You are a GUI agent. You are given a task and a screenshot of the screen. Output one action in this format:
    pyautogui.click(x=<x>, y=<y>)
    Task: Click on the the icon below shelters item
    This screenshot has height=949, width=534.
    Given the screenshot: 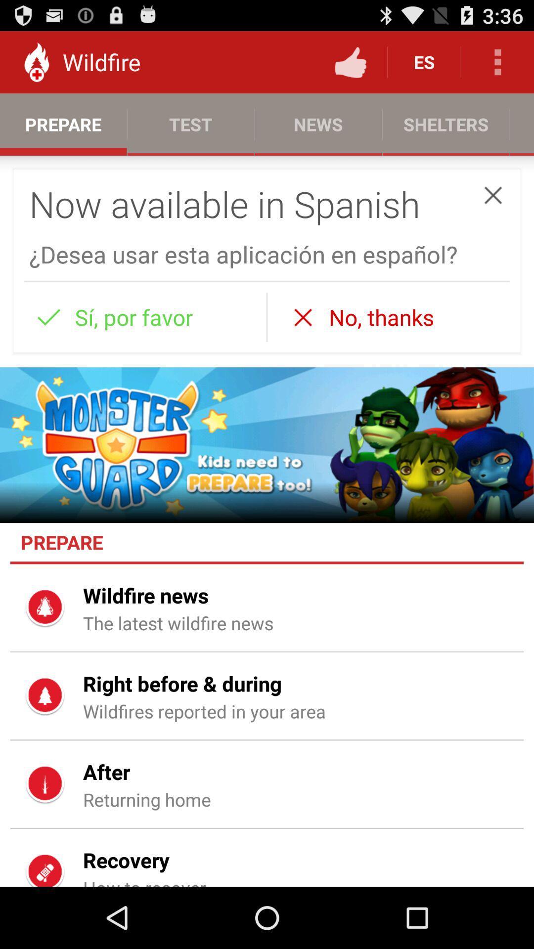 What is the action you would take?
    pyautogui.click(x=493, y=195)
    